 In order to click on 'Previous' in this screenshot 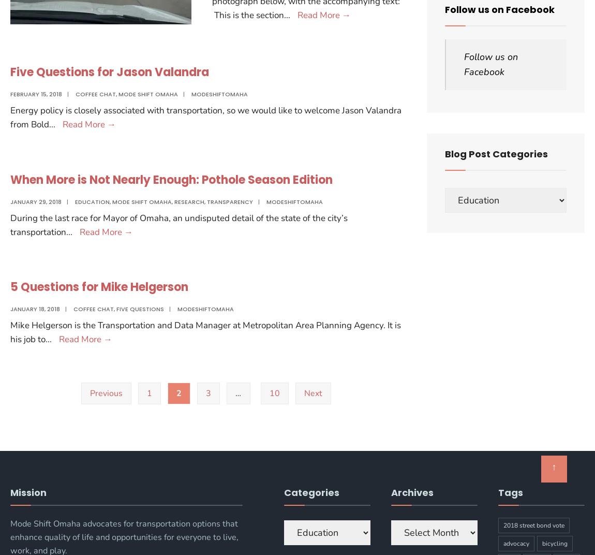, I will do `click(106, 393)`.